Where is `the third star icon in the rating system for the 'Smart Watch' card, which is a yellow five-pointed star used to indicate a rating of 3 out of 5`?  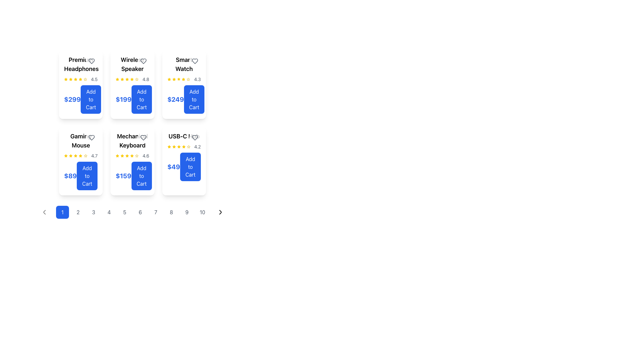
the third star icon in the rating system for the 'Smart Watch' card, which is a yellow five-pointed star used to indicate a rating of 3 out of 5 is located at coordinates (179, 79).